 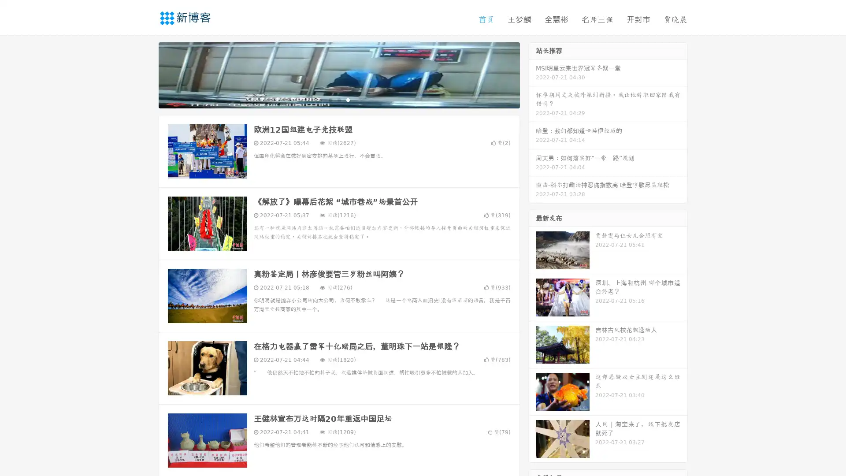 What do you see at coordinates (532, 74) in the screenshot?
I see `Next slide` at bounding box center [532, 74].